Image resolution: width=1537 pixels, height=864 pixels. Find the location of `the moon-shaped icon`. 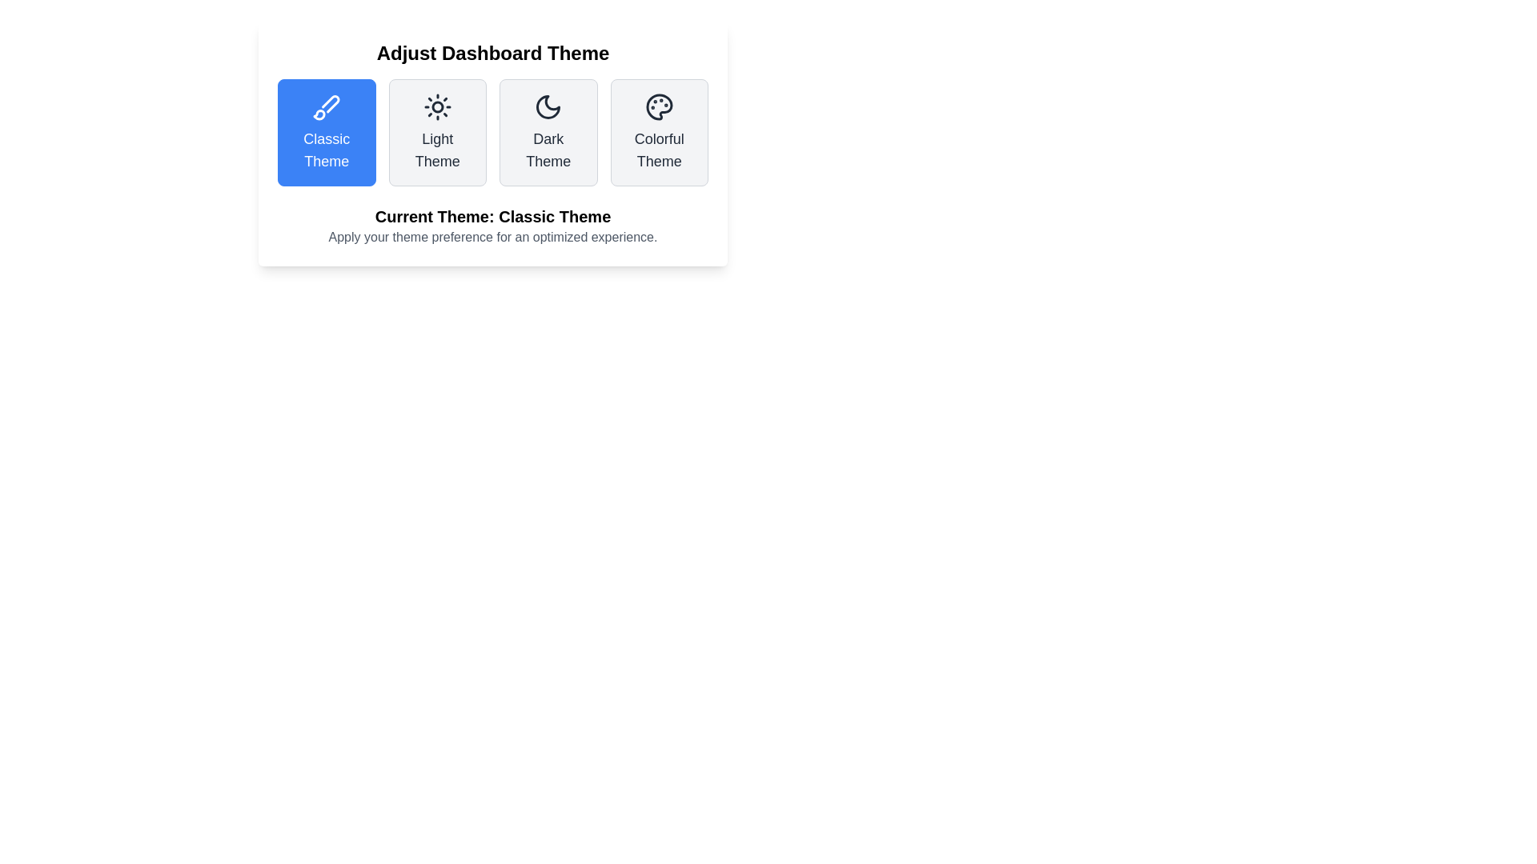

the moon-shaped icon is located at coordinates (548, 107).